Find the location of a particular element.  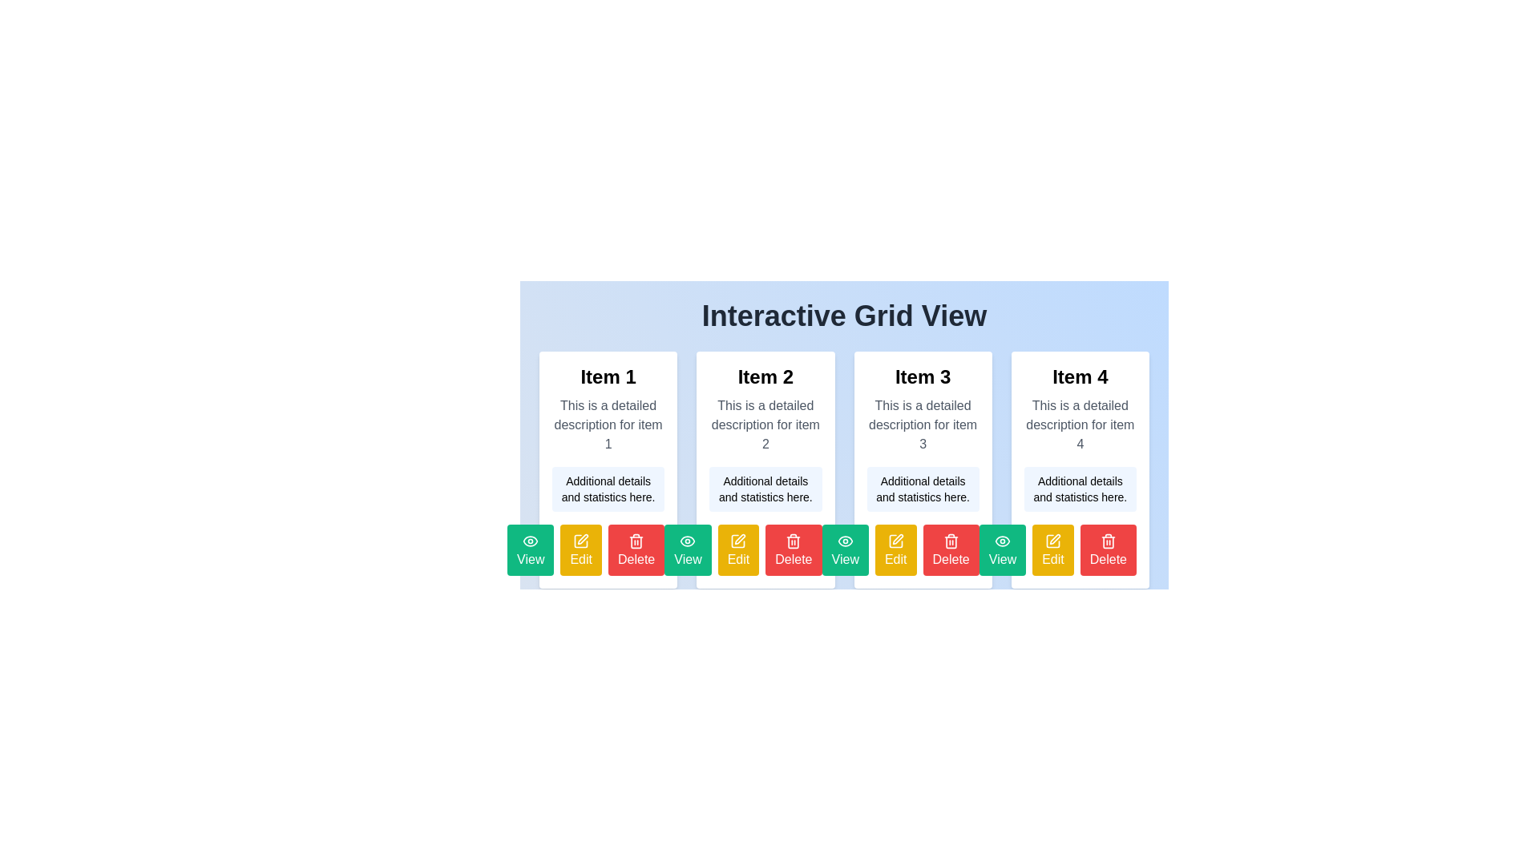

the red 'Delete' button with white text and a trashcan icon, positioned at the bottom of the 'Item 4' card in the action bar is located at coordinates (1080, 549).